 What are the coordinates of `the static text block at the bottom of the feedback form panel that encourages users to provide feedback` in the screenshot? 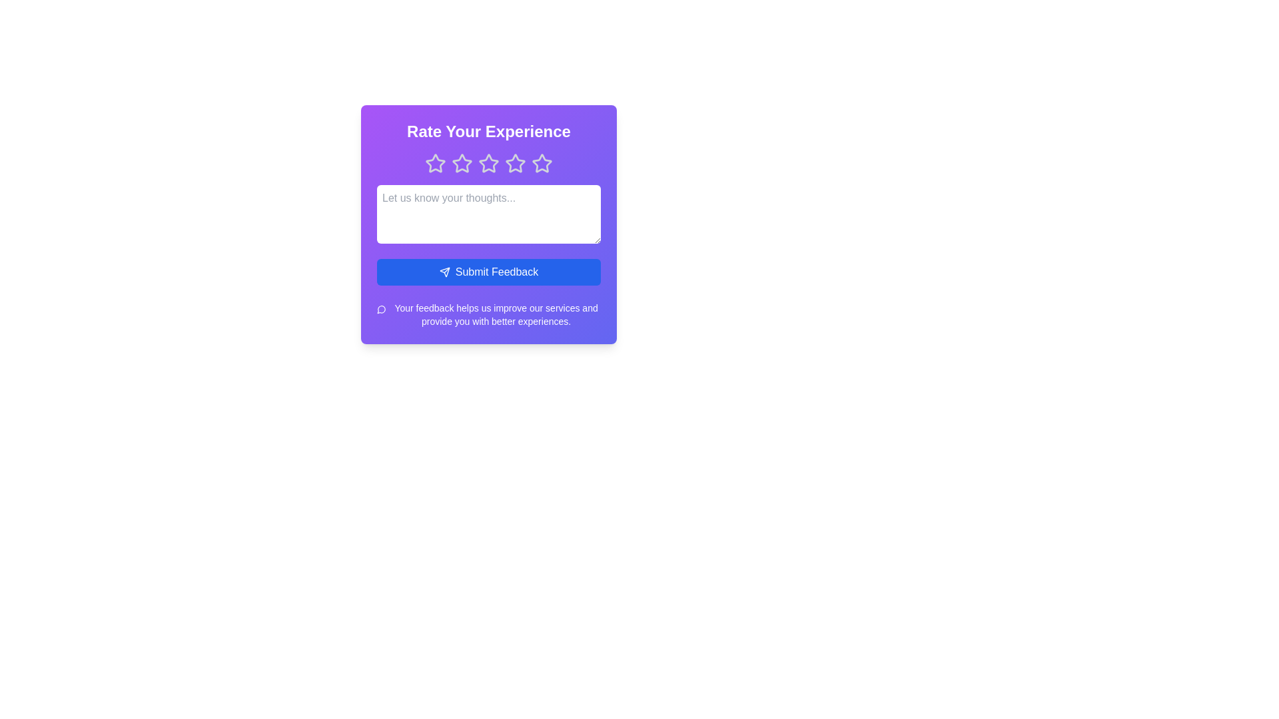 It's located at (488, 315).